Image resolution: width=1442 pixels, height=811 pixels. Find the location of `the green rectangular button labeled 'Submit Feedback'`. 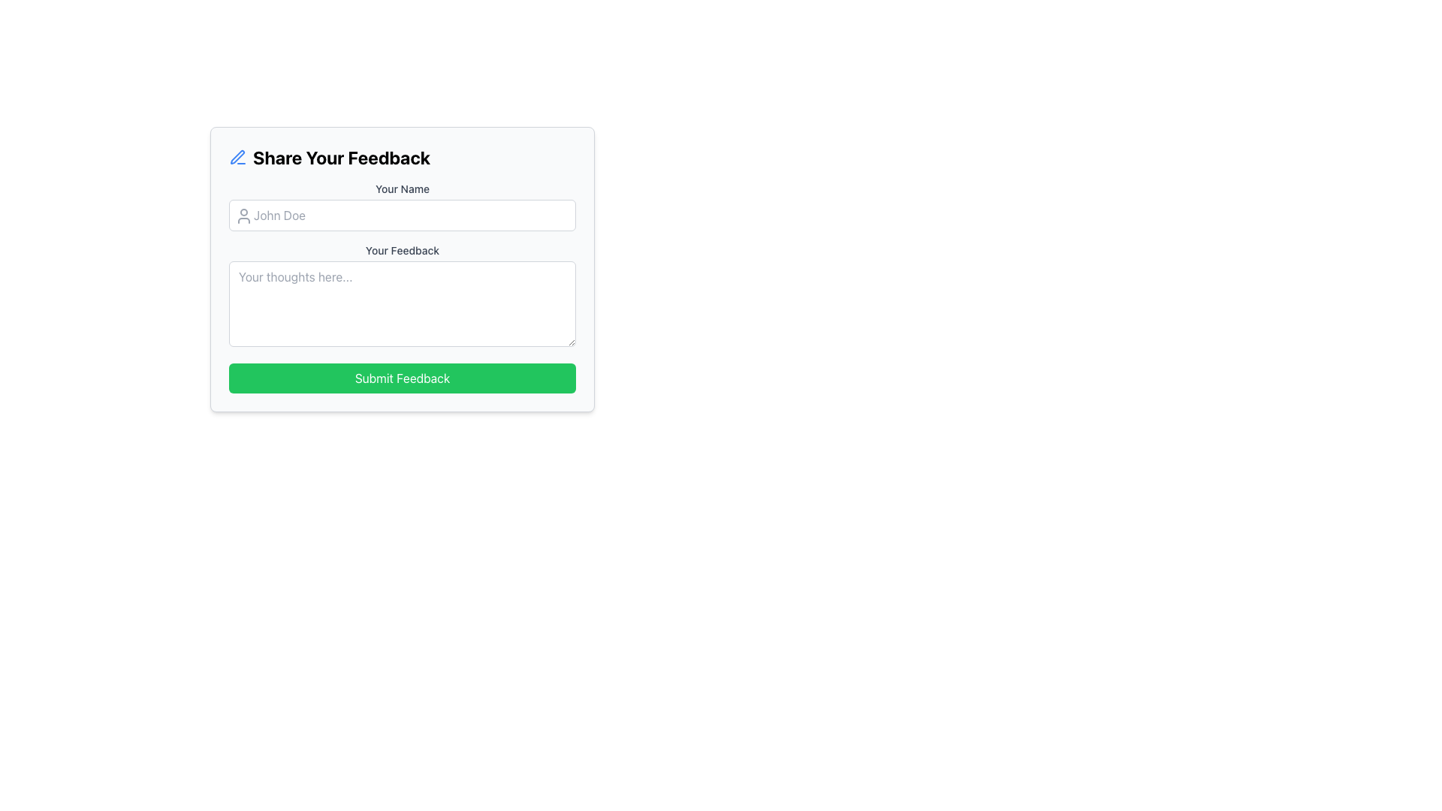

the green rectangular button labeled 'Submit Feedback' is located at coordinates (403, 378).